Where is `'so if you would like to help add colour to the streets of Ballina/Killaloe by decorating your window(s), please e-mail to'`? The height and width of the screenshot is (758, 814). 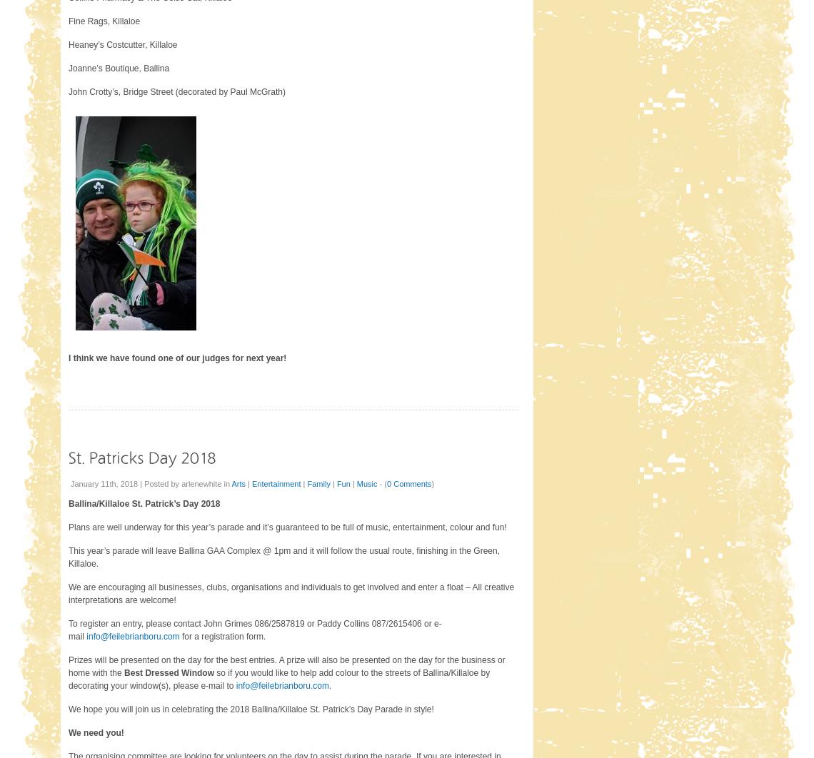
'so if you would like to help add colour to the streets of Ballina/Killaloe by decorating your window(s), please e-mail to' is located at coordinates (278, 678).